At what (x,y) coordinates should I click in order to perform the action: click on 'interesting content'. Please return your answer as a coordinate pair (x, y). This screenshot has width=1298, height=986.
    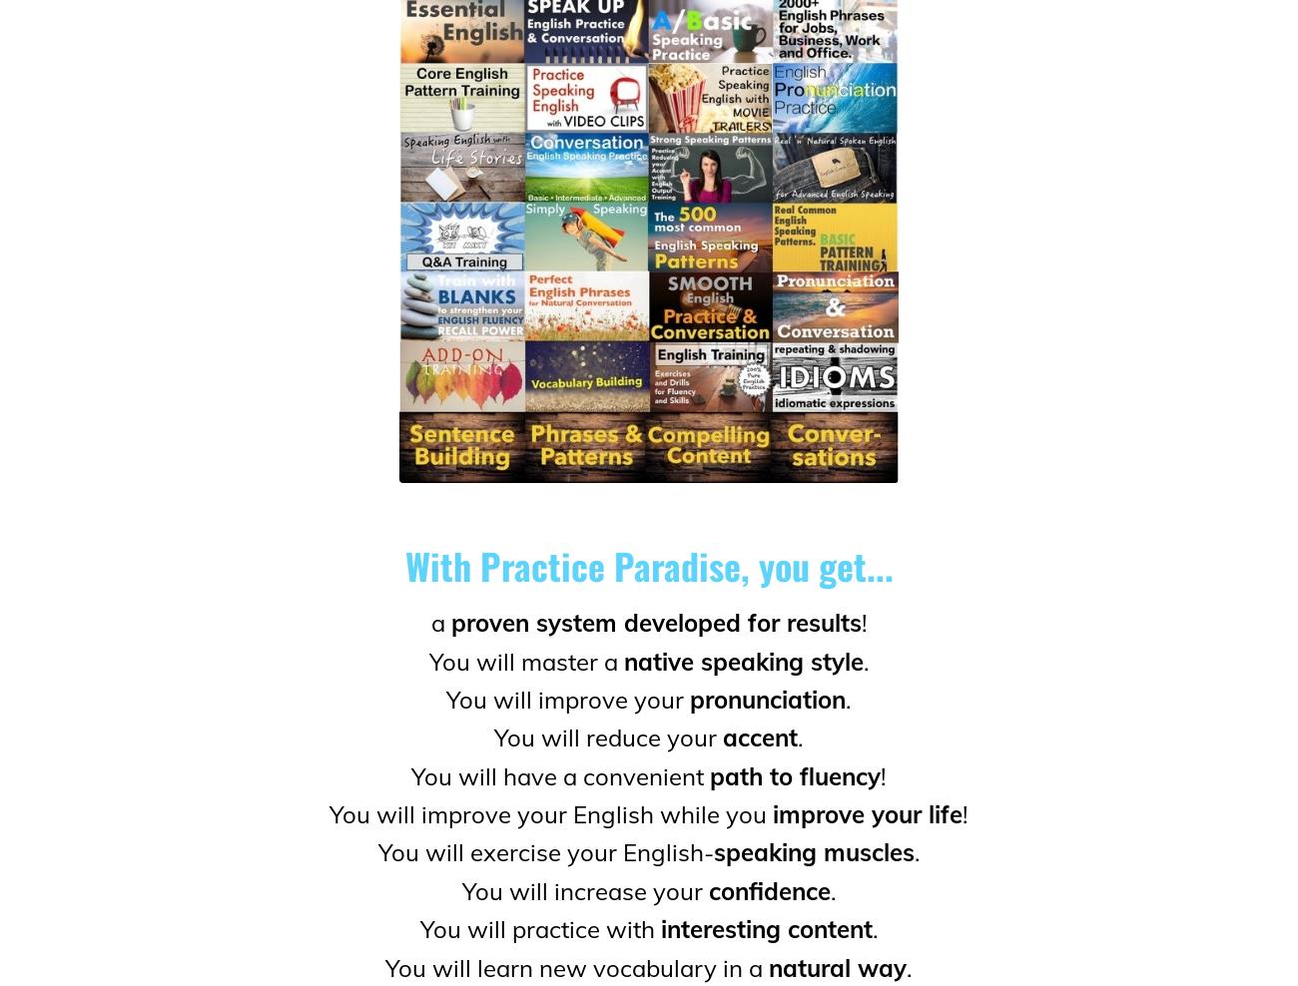
    Looking at the image, I should click on (765, 928).